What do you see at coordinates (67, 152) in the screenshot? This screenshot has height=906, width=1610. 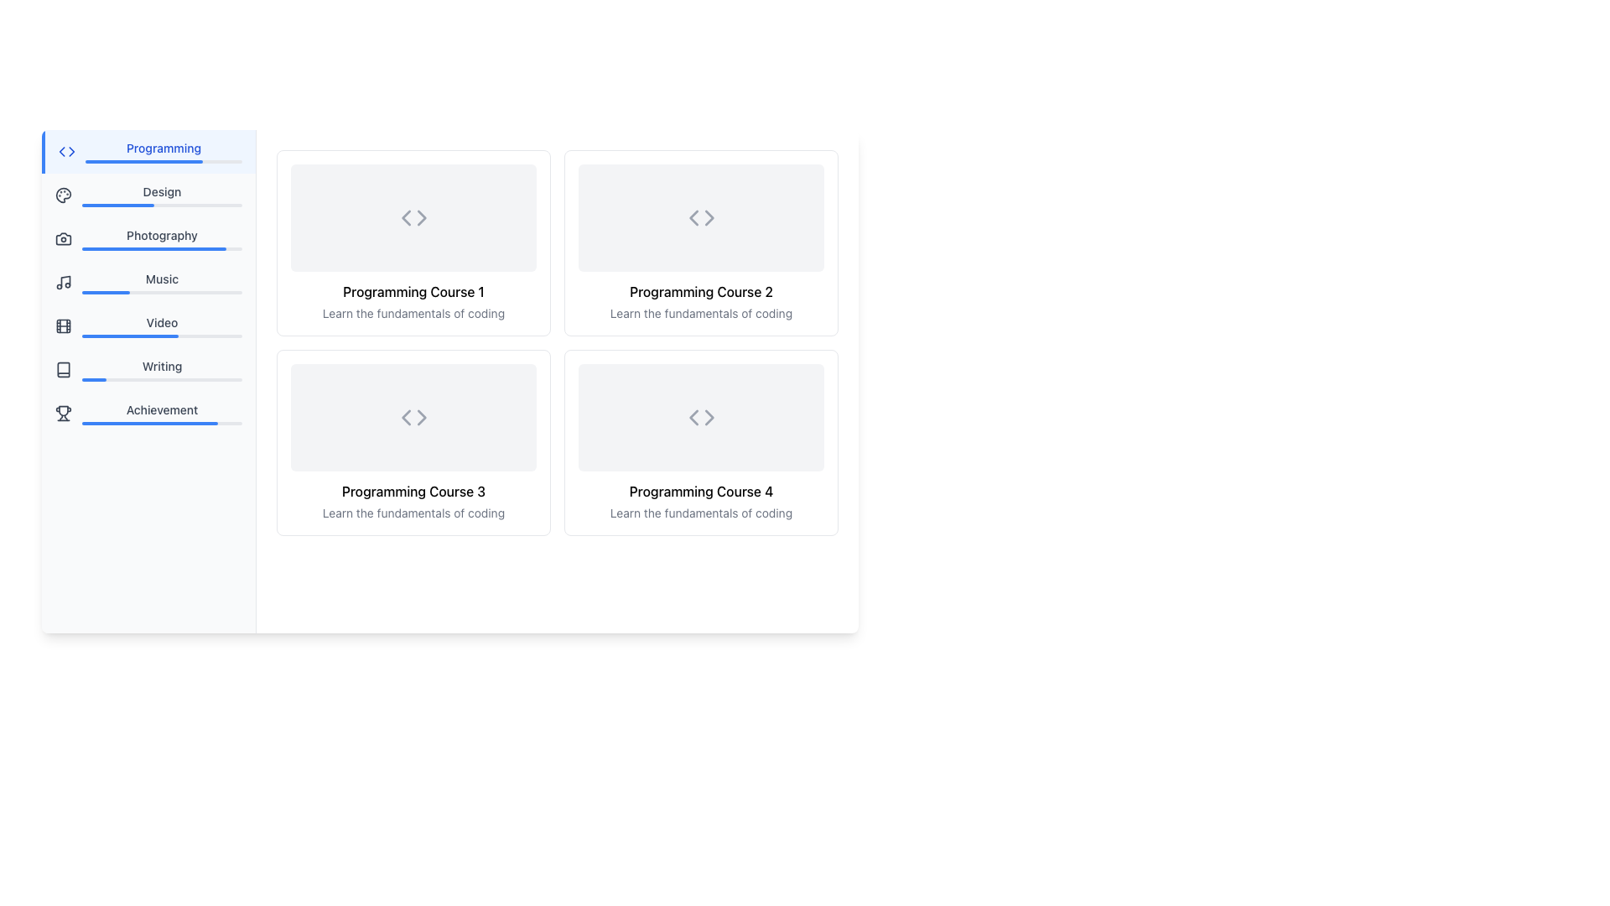 I see `the SVG graphic element representing the 'Programming' section in the navigation sidebar, located directly to the left of the text 'Programming'` at bounding box center [67, 152].